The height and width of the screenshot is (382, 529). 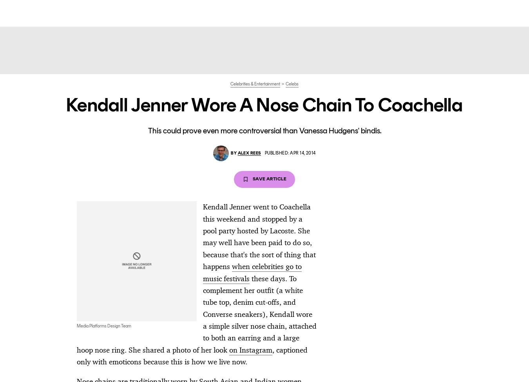 I want to click on 'Timothée Supports Kylie at the Innovator Awards', so click(x=97, y=107).